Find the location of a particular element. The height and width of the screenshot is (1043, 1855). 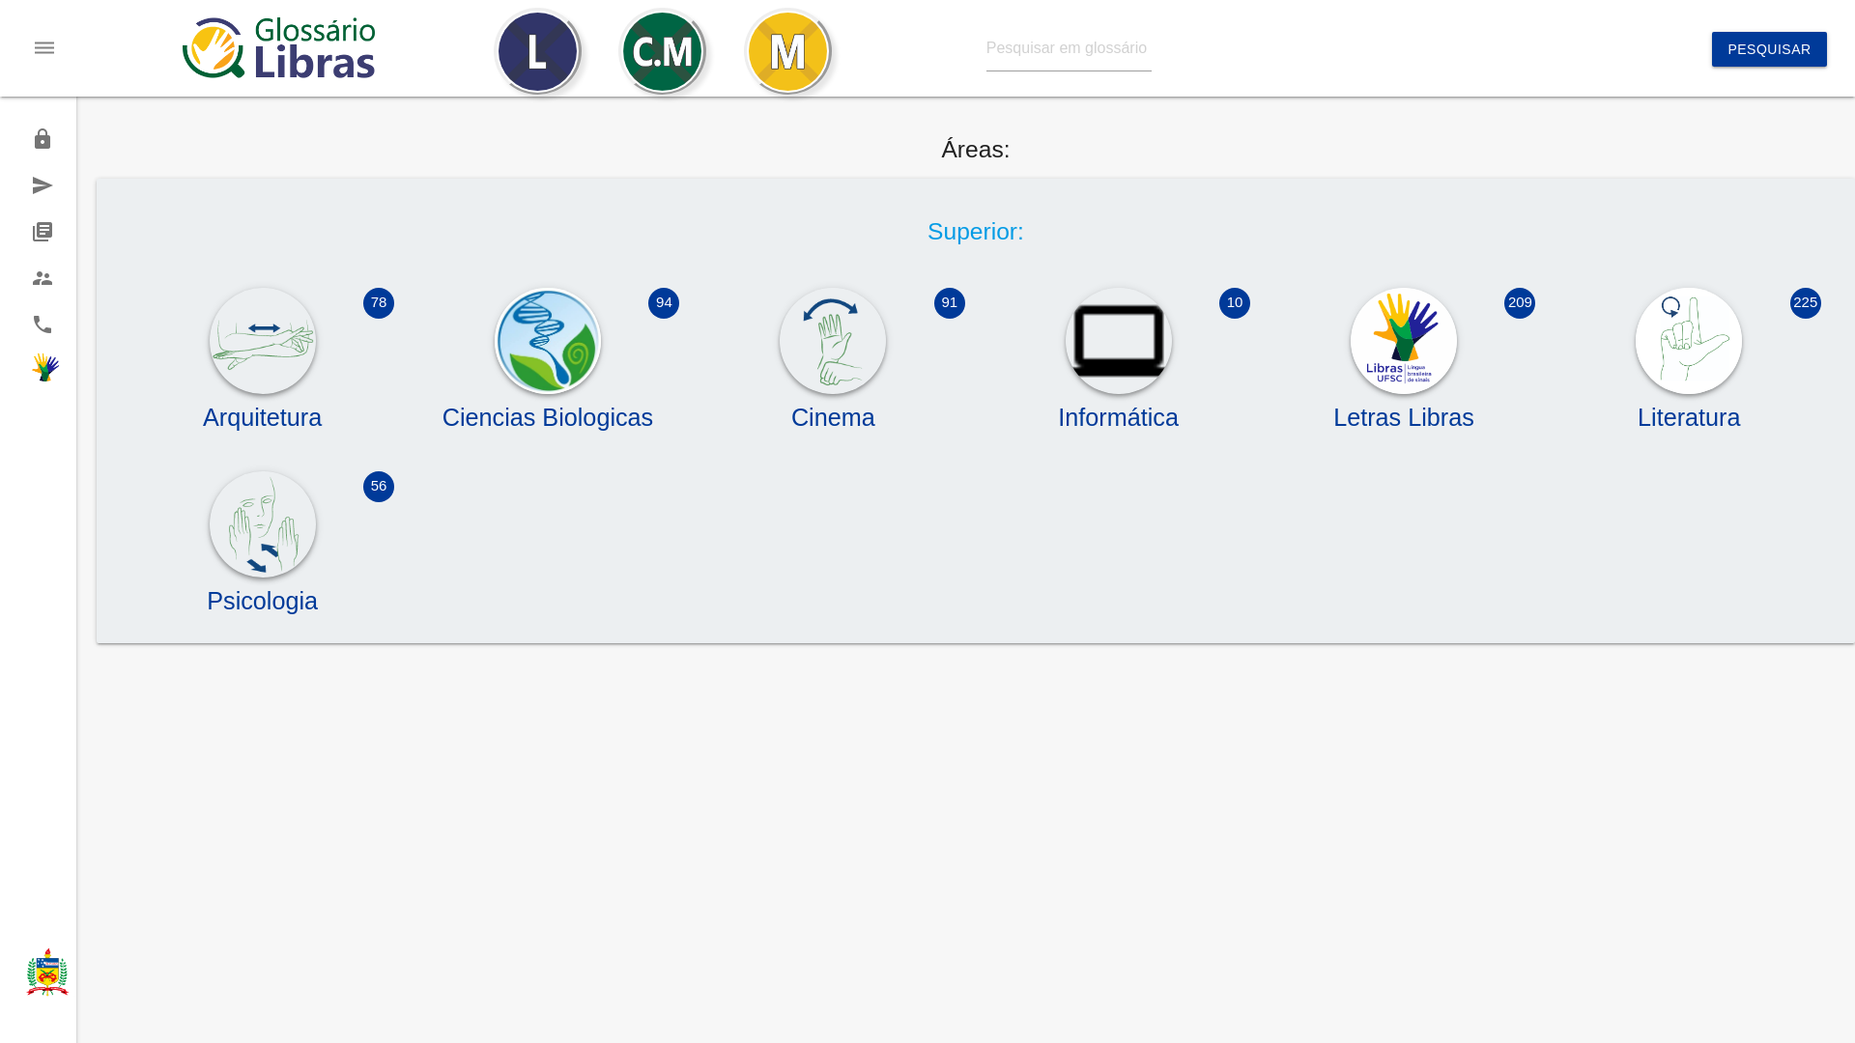

'209 is located at coordinates (1404, 408).